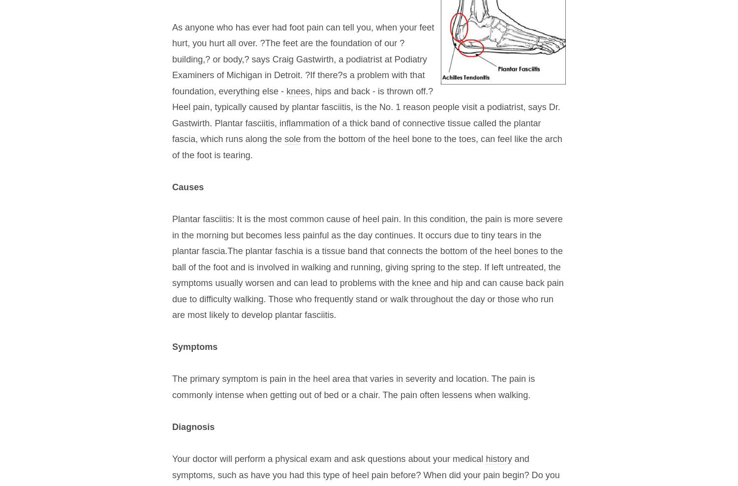  Describe the element at coordinates (353, 386) in the screenshot. I see `'The primary symptom is pain in the heel area that varies in severity and location. The pain is commonly intense when getting out of bed or a chair. The pain often lessens when walking.'` at that location.